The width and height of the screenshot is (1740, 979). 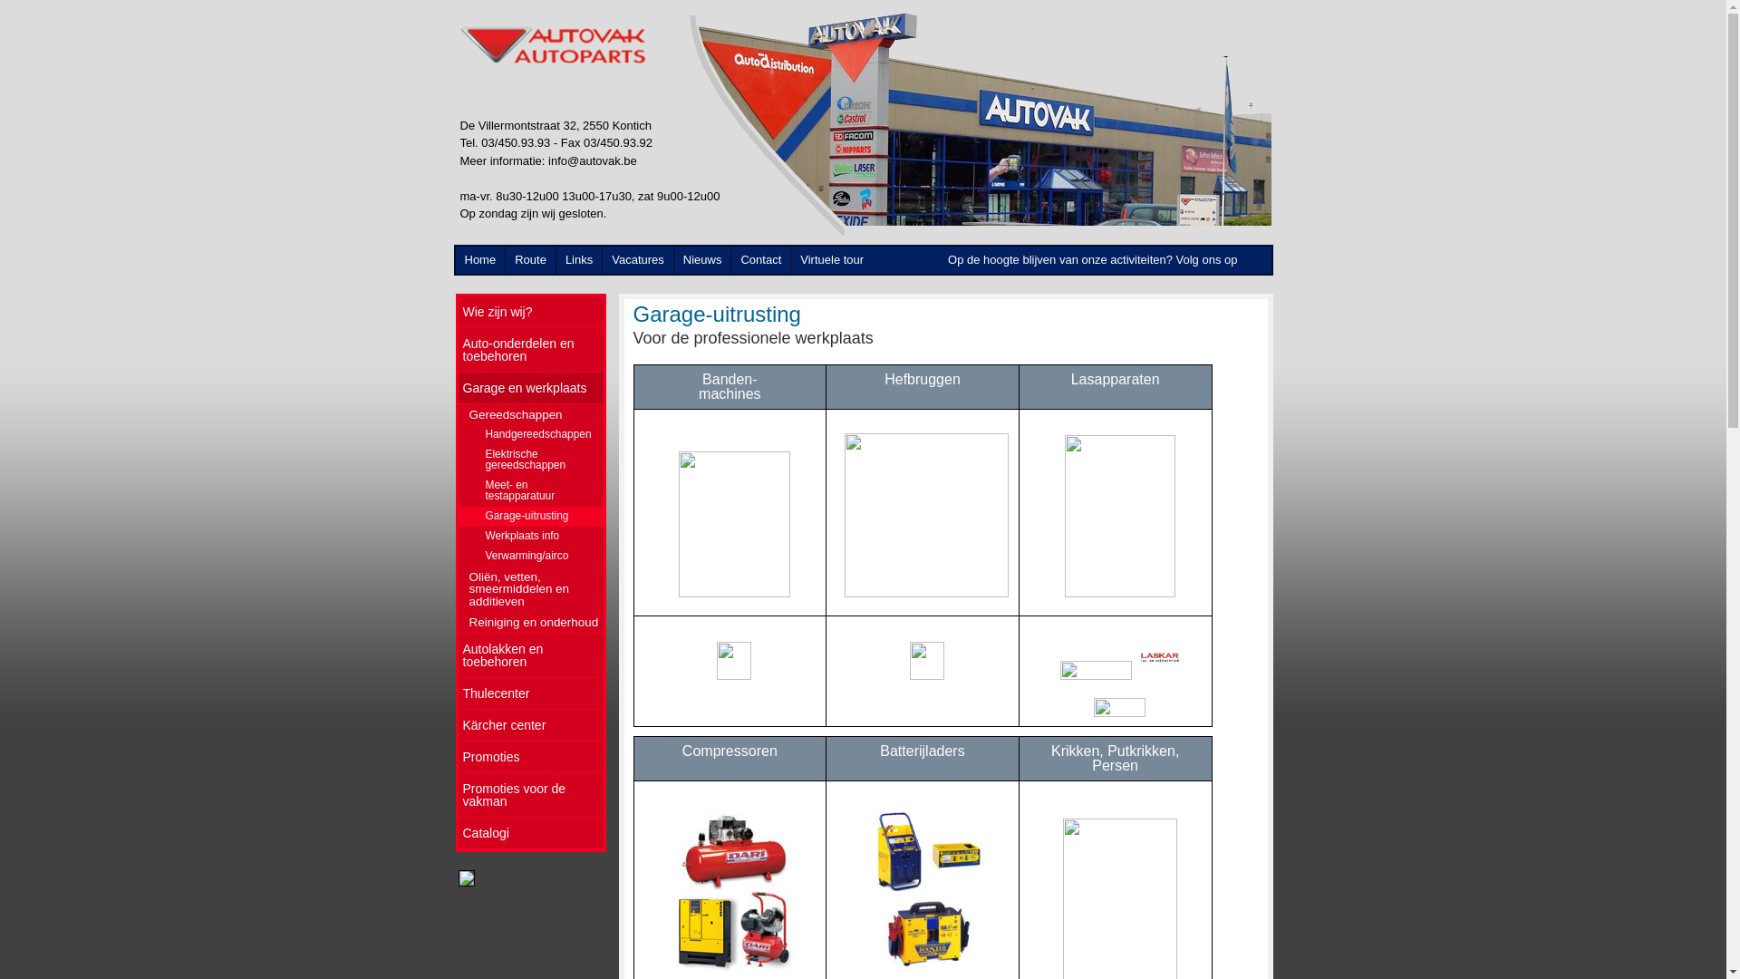 What do you see at coordinates (458, 693) in the screenshot?
I see `'Thulecenter'` at bounding box center [458, 693].